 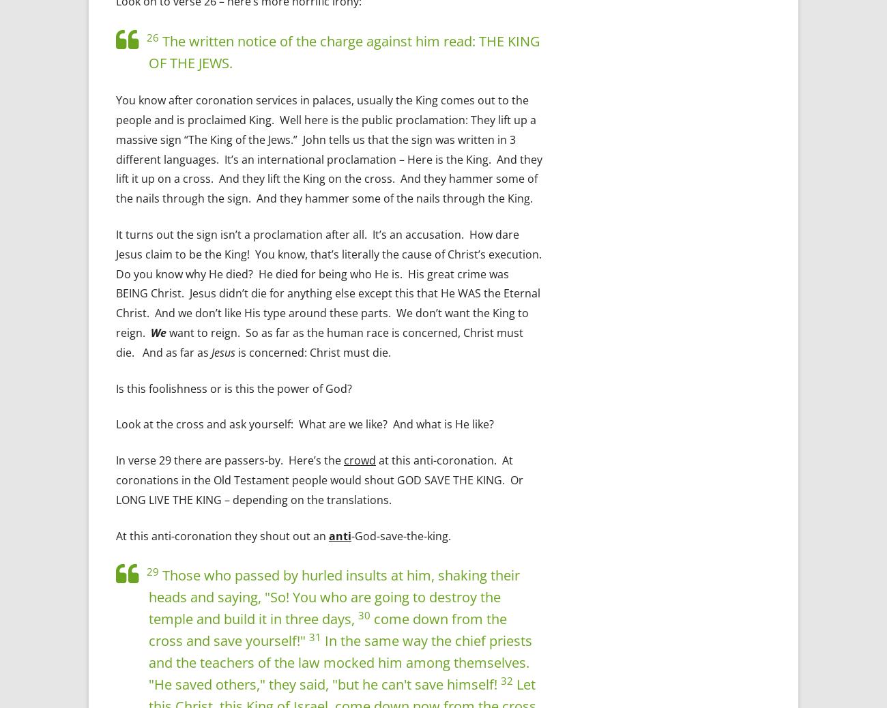 I want to click on 'is concerned: Christ must die.', so click(x=313, y=351).